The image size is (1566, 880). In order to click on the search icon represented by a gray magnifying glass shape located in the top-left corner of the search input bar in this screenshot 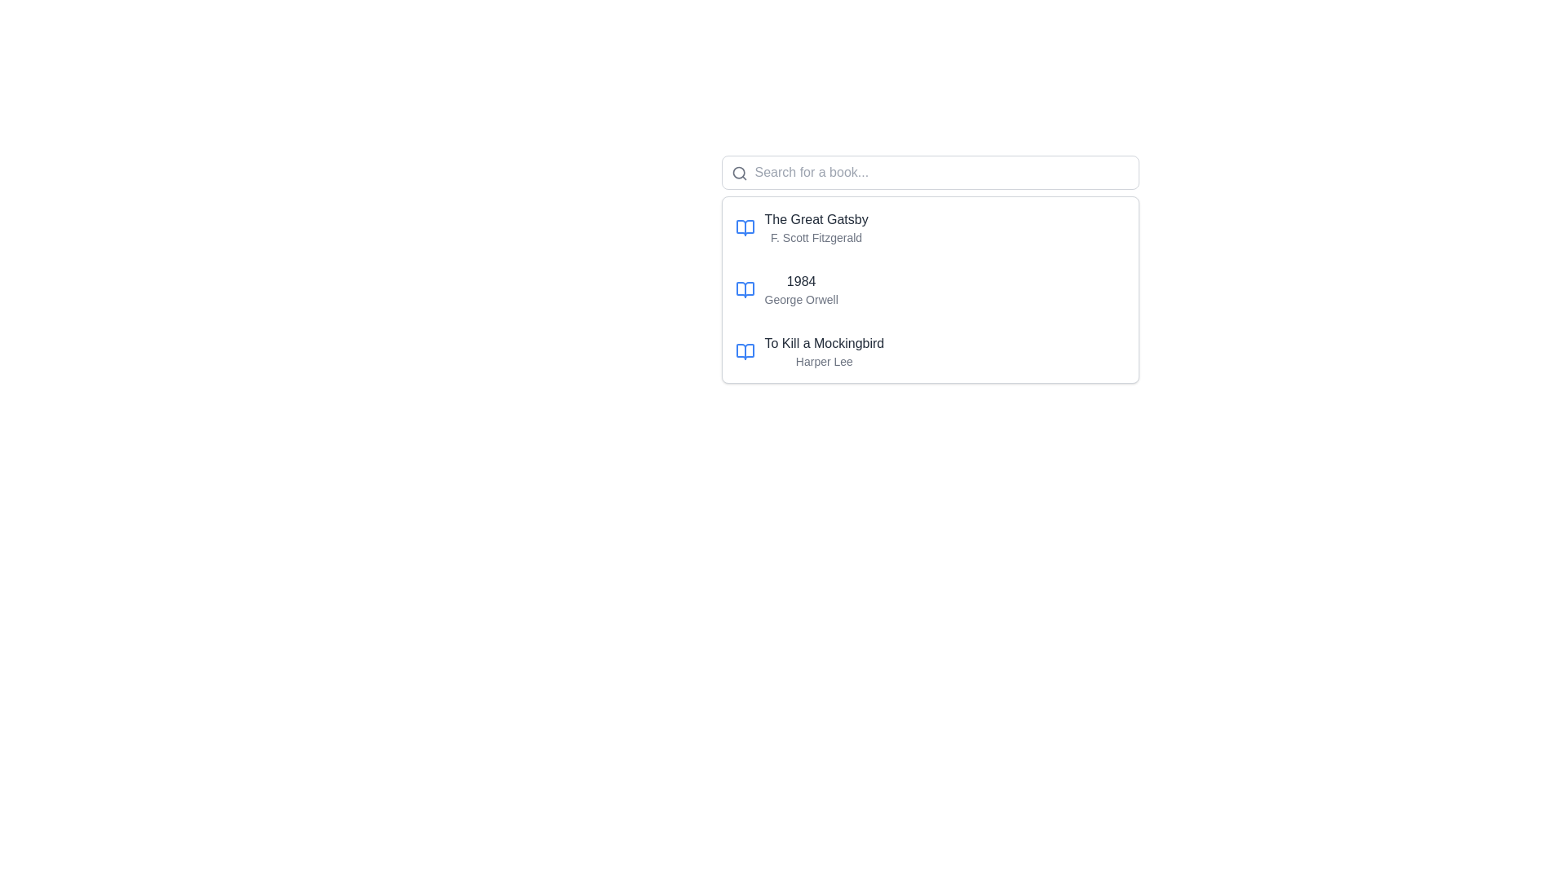, I will do `click(738, 173)`.